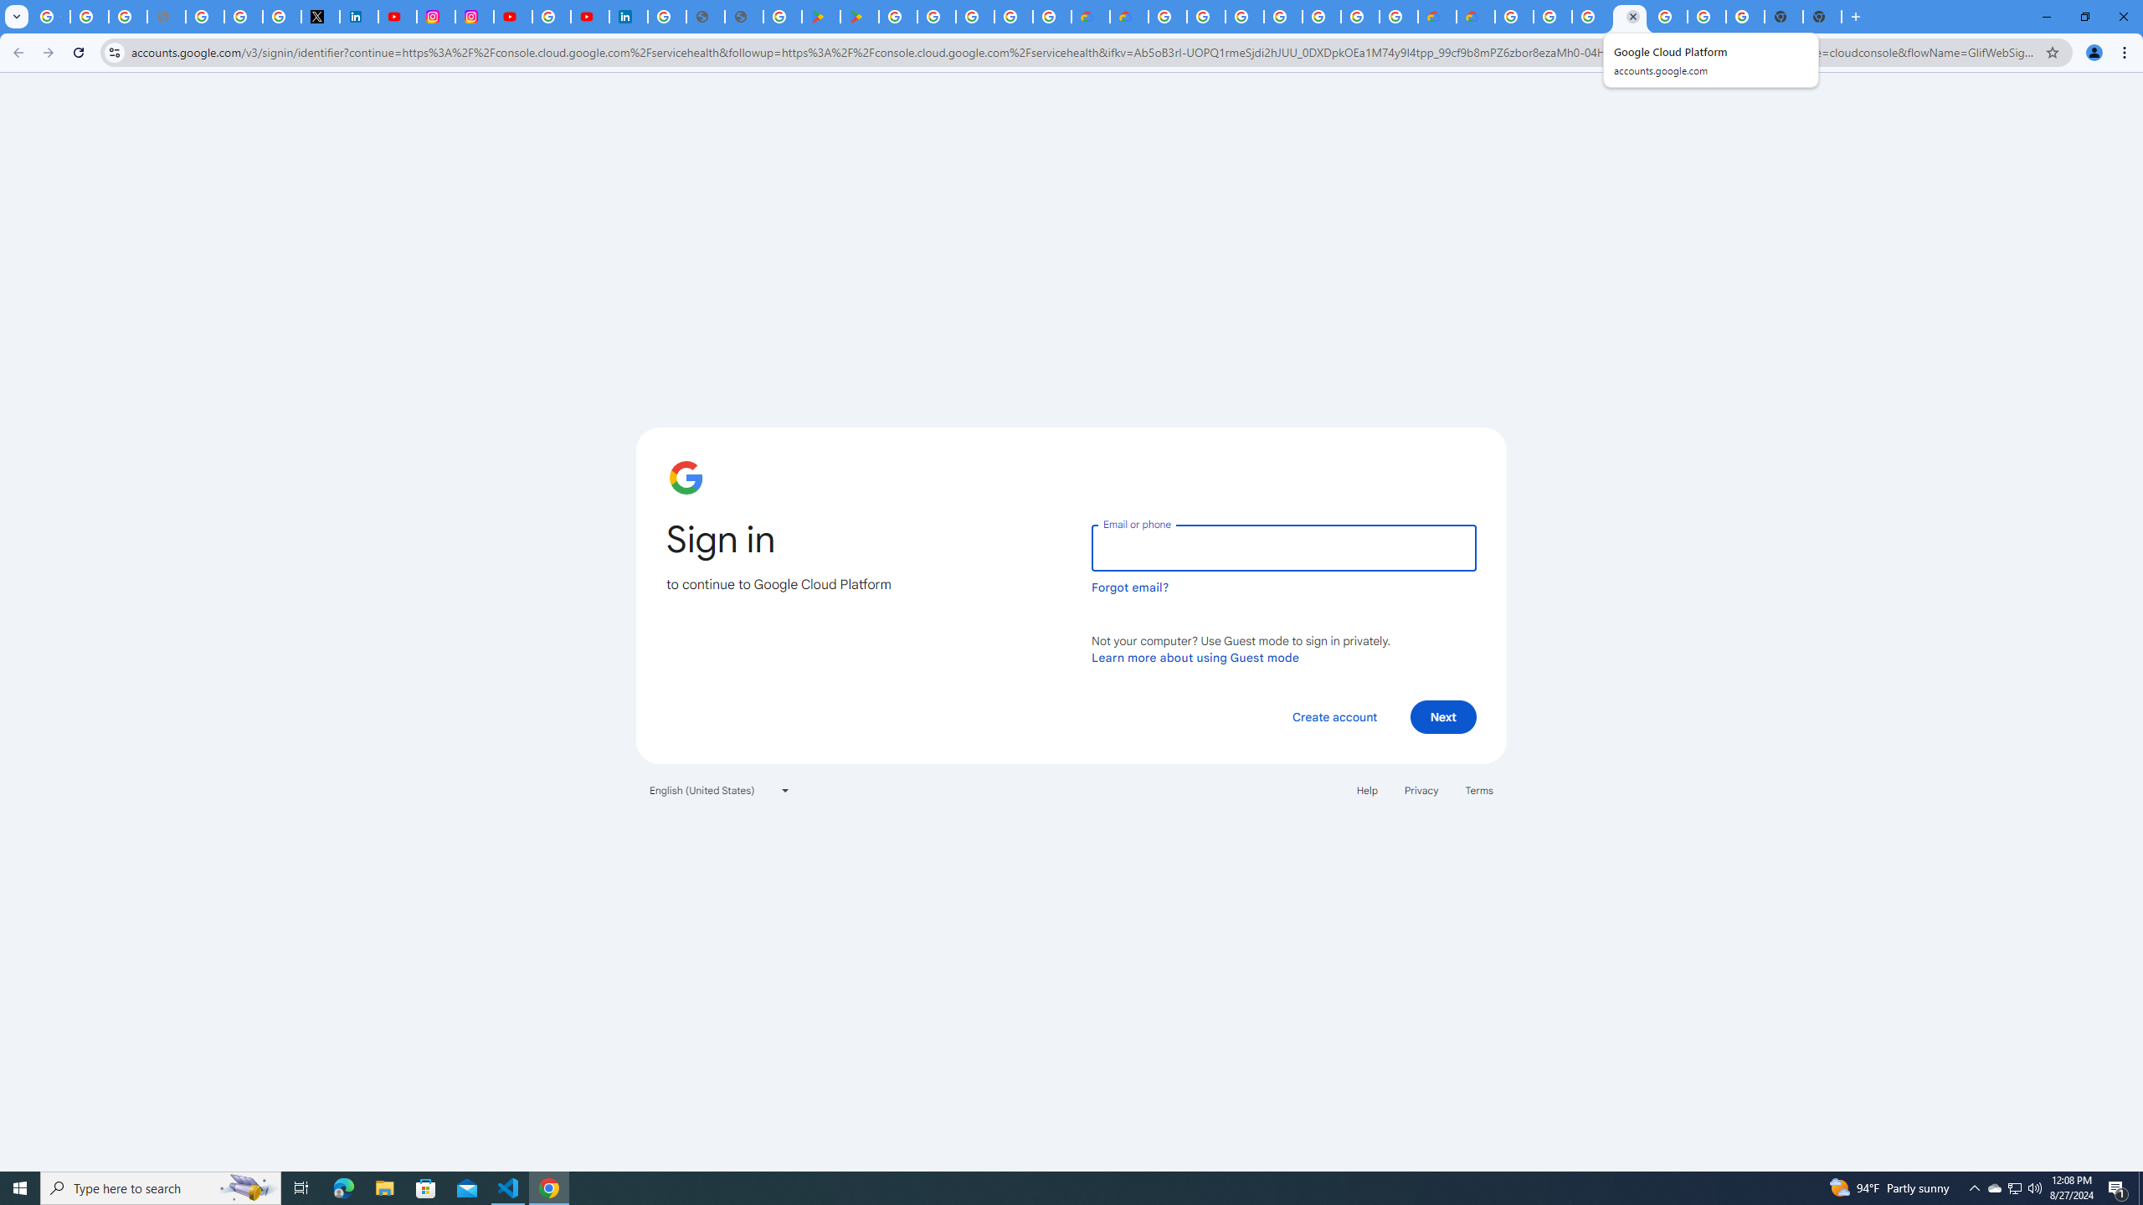 This screenshot has width=2143, height=1205. What do you see at coordinates (1436, 16) in the screenshot?
I see `'Customer Care | Google Cloud'` at bounding box center [1436, 16].